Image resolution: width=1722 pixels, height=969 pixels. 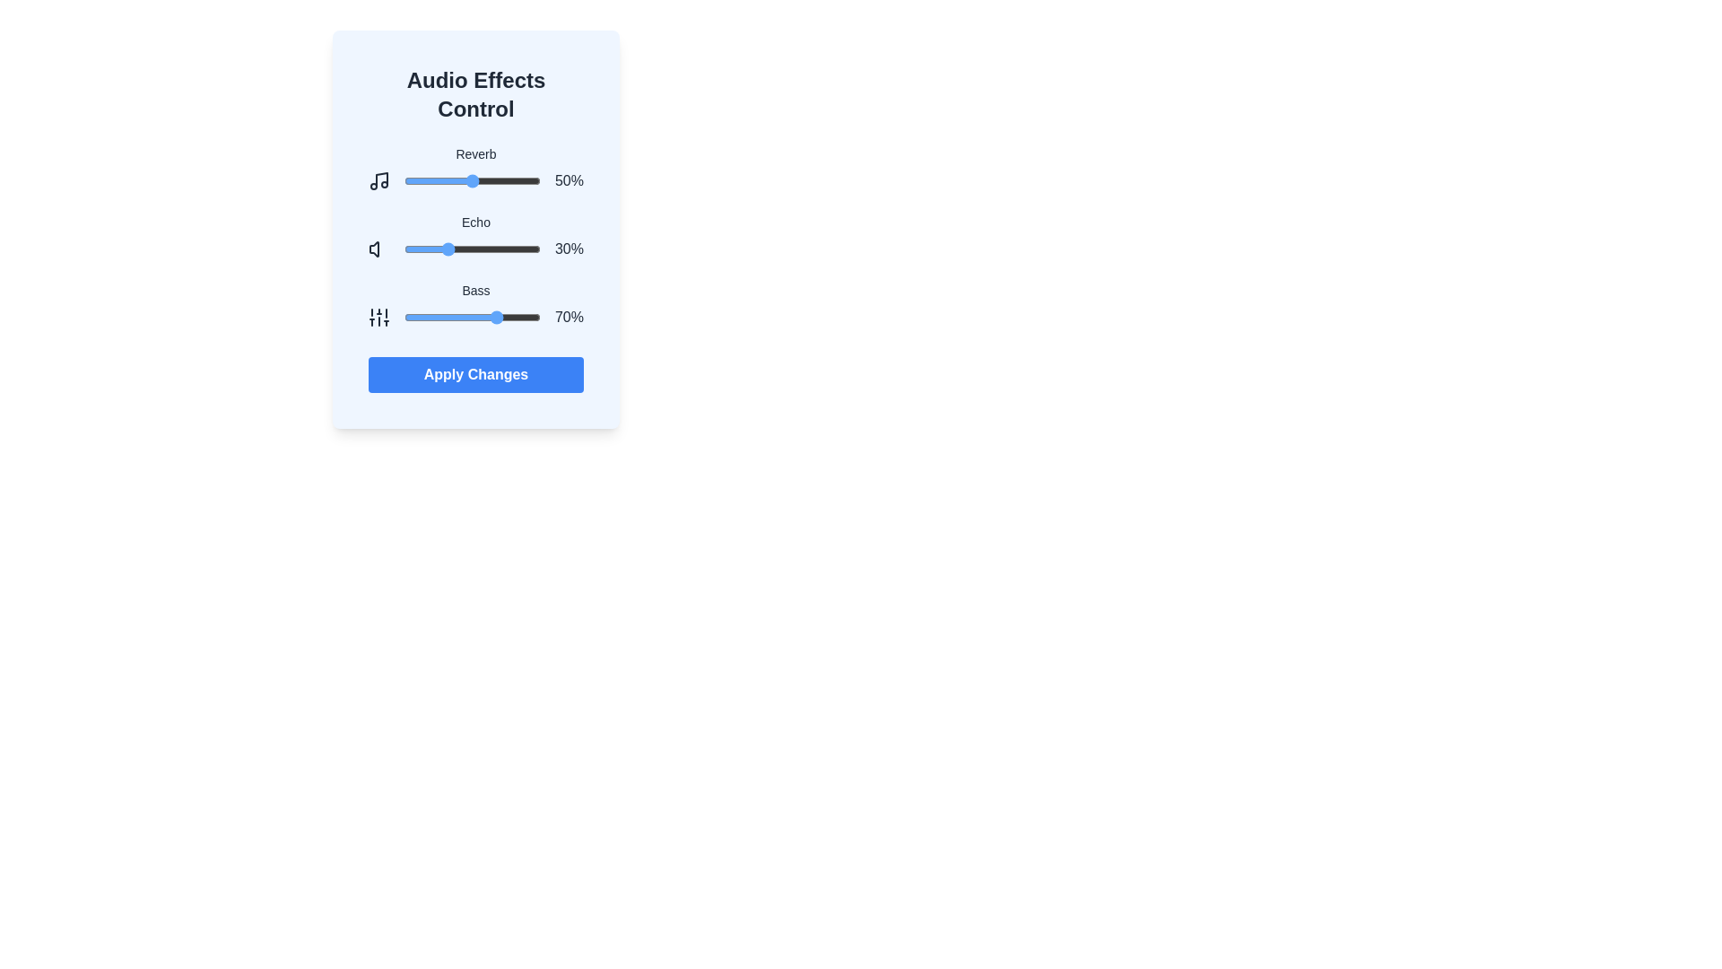 I want to click on the reverb effect, so click(x=479, y=180).